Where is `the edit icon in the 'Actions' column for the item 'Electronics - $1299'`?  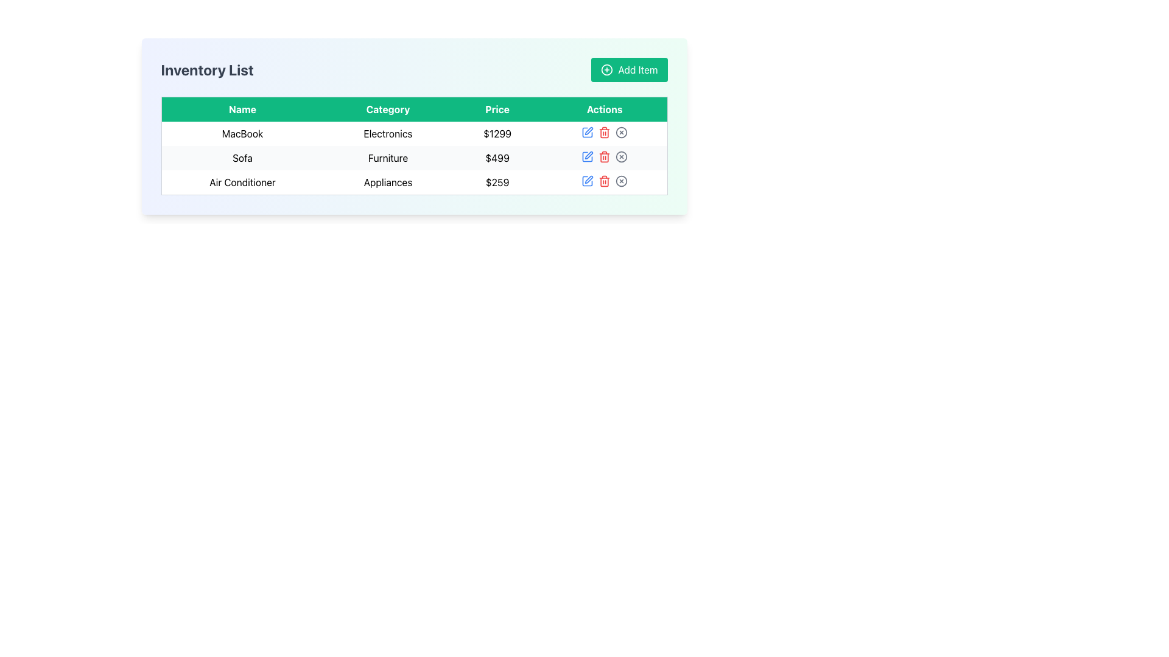 the edit icon in the 'Actions' column for the item 'Electronics - $1299' is located at coordinates (588, 133).